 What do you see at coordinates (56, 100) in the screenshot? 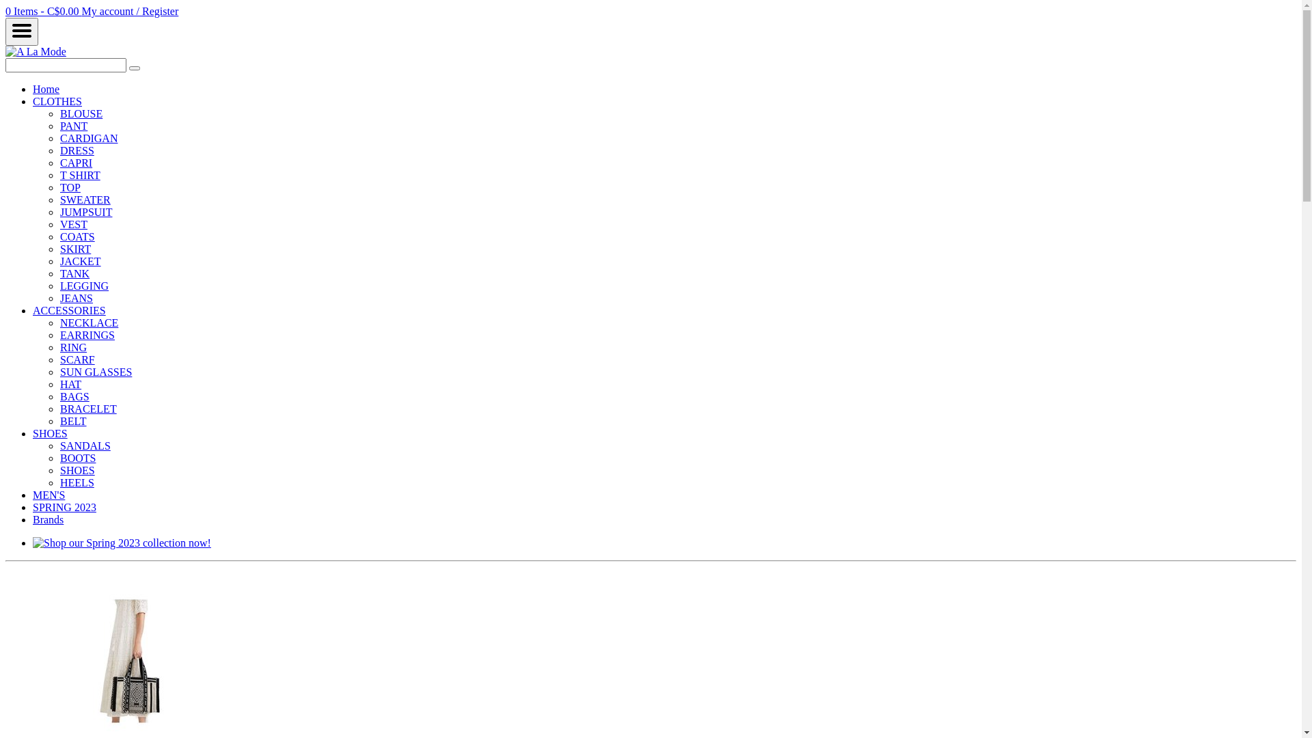
I see `'CLOTHES'` at bounding box center [56, 100].